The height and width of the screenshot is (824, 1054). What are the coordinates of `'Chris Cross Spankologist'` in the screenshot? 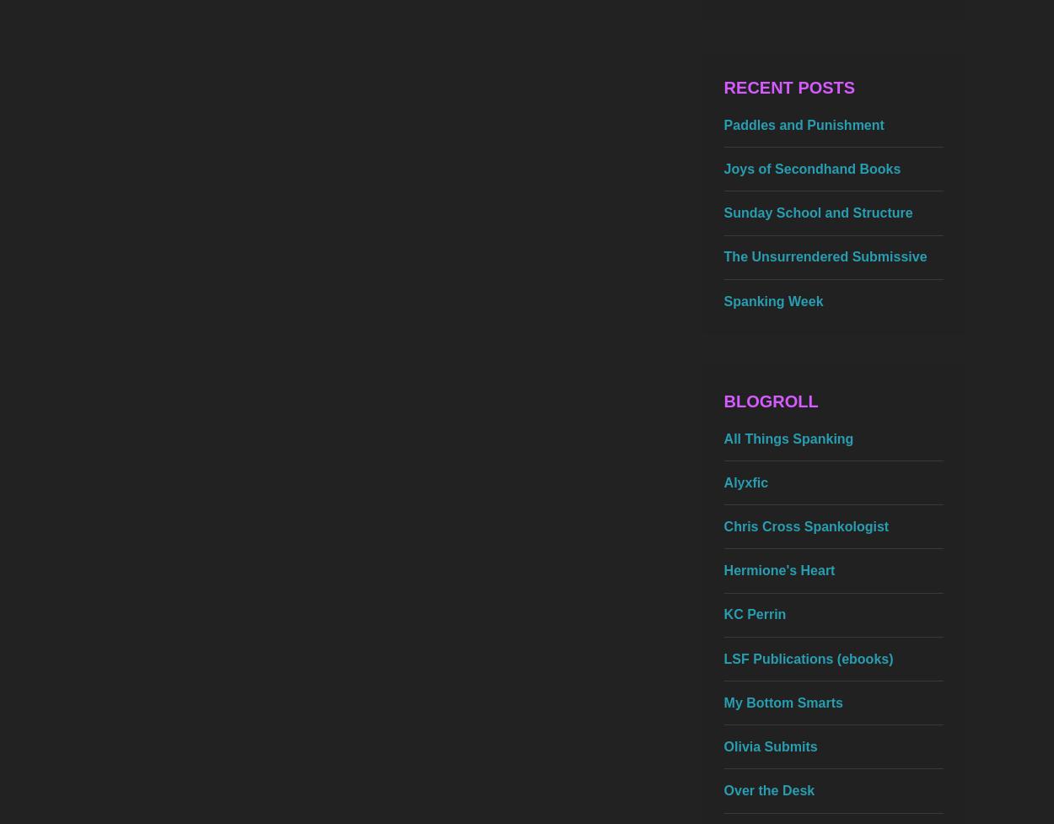 It's located at (805, 525).